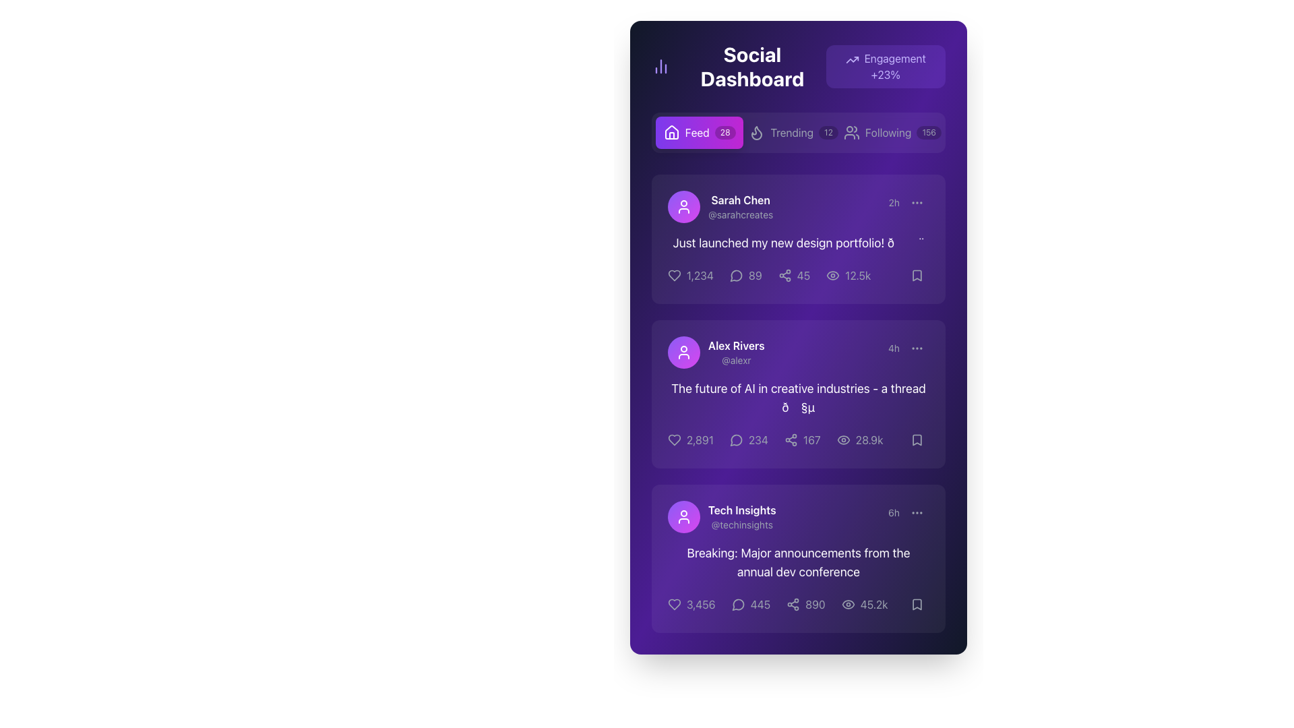  What do you see at coordinates (675, 274) in the screenshot?
I see `the leftmost icon button located beneath the post labeled 'Alex Rivers'` at bounding box center [675, 274].